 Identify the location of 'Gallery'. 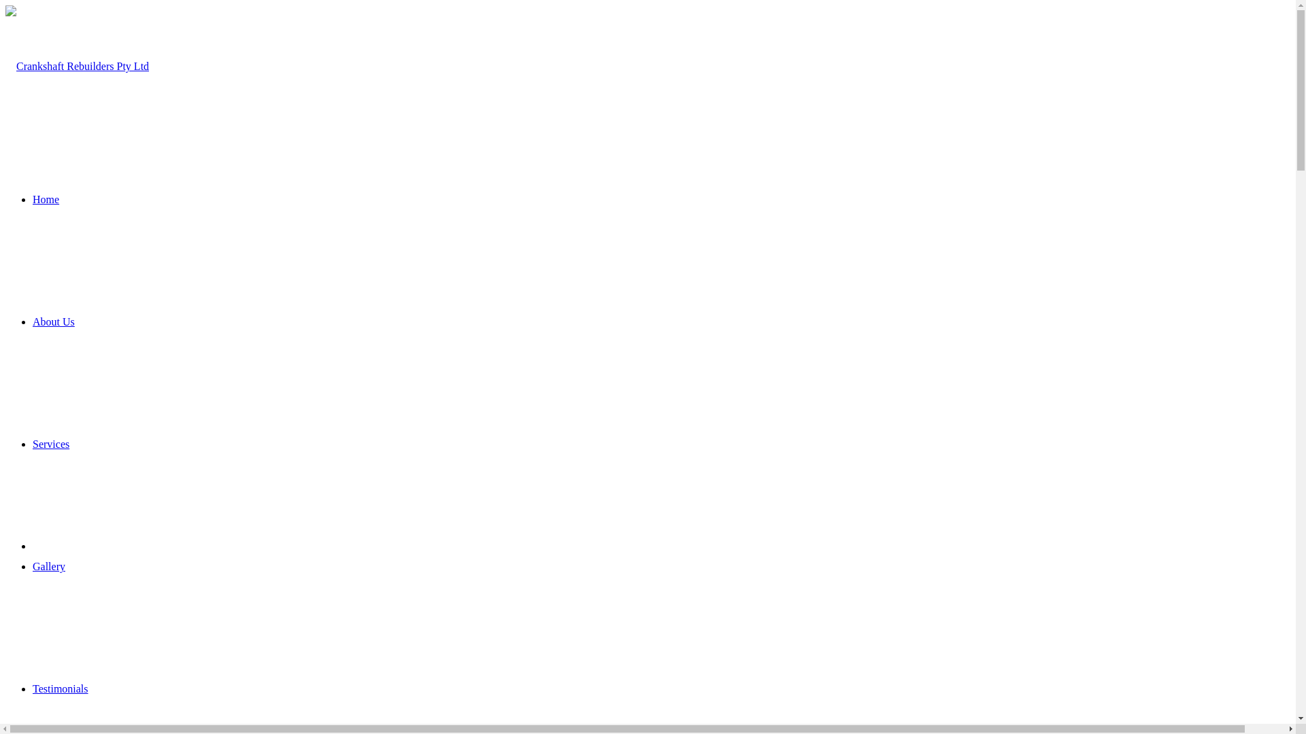
(33, 566).